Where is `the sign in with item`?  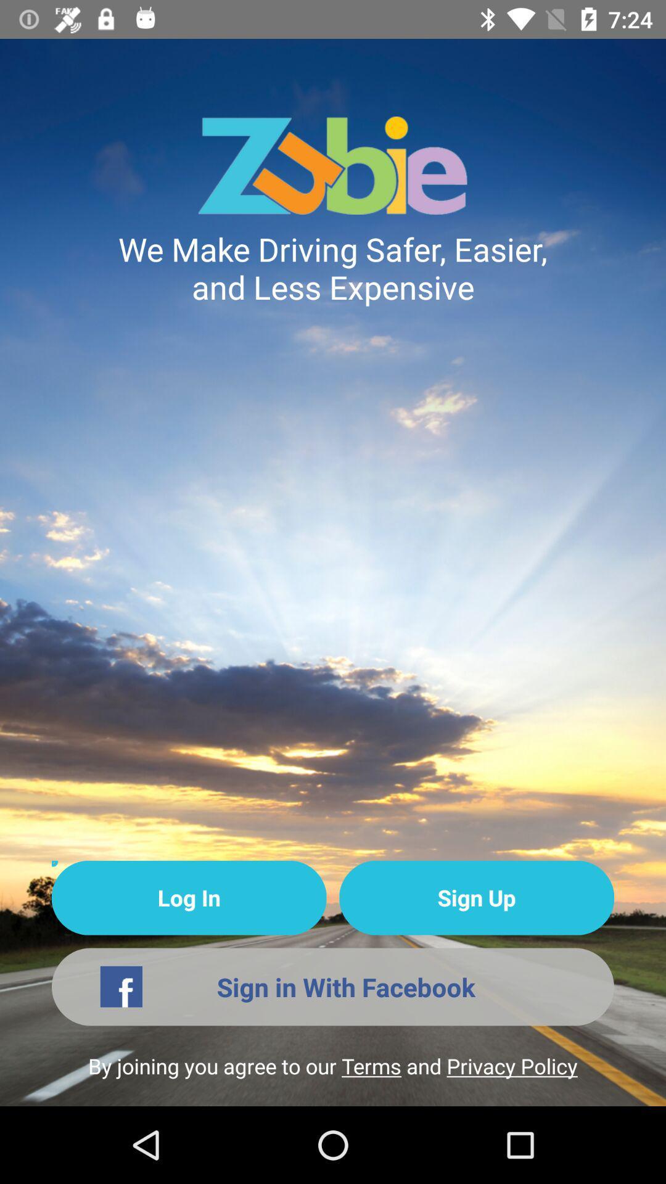
the sign in with item is located at coordinates (333, 987).